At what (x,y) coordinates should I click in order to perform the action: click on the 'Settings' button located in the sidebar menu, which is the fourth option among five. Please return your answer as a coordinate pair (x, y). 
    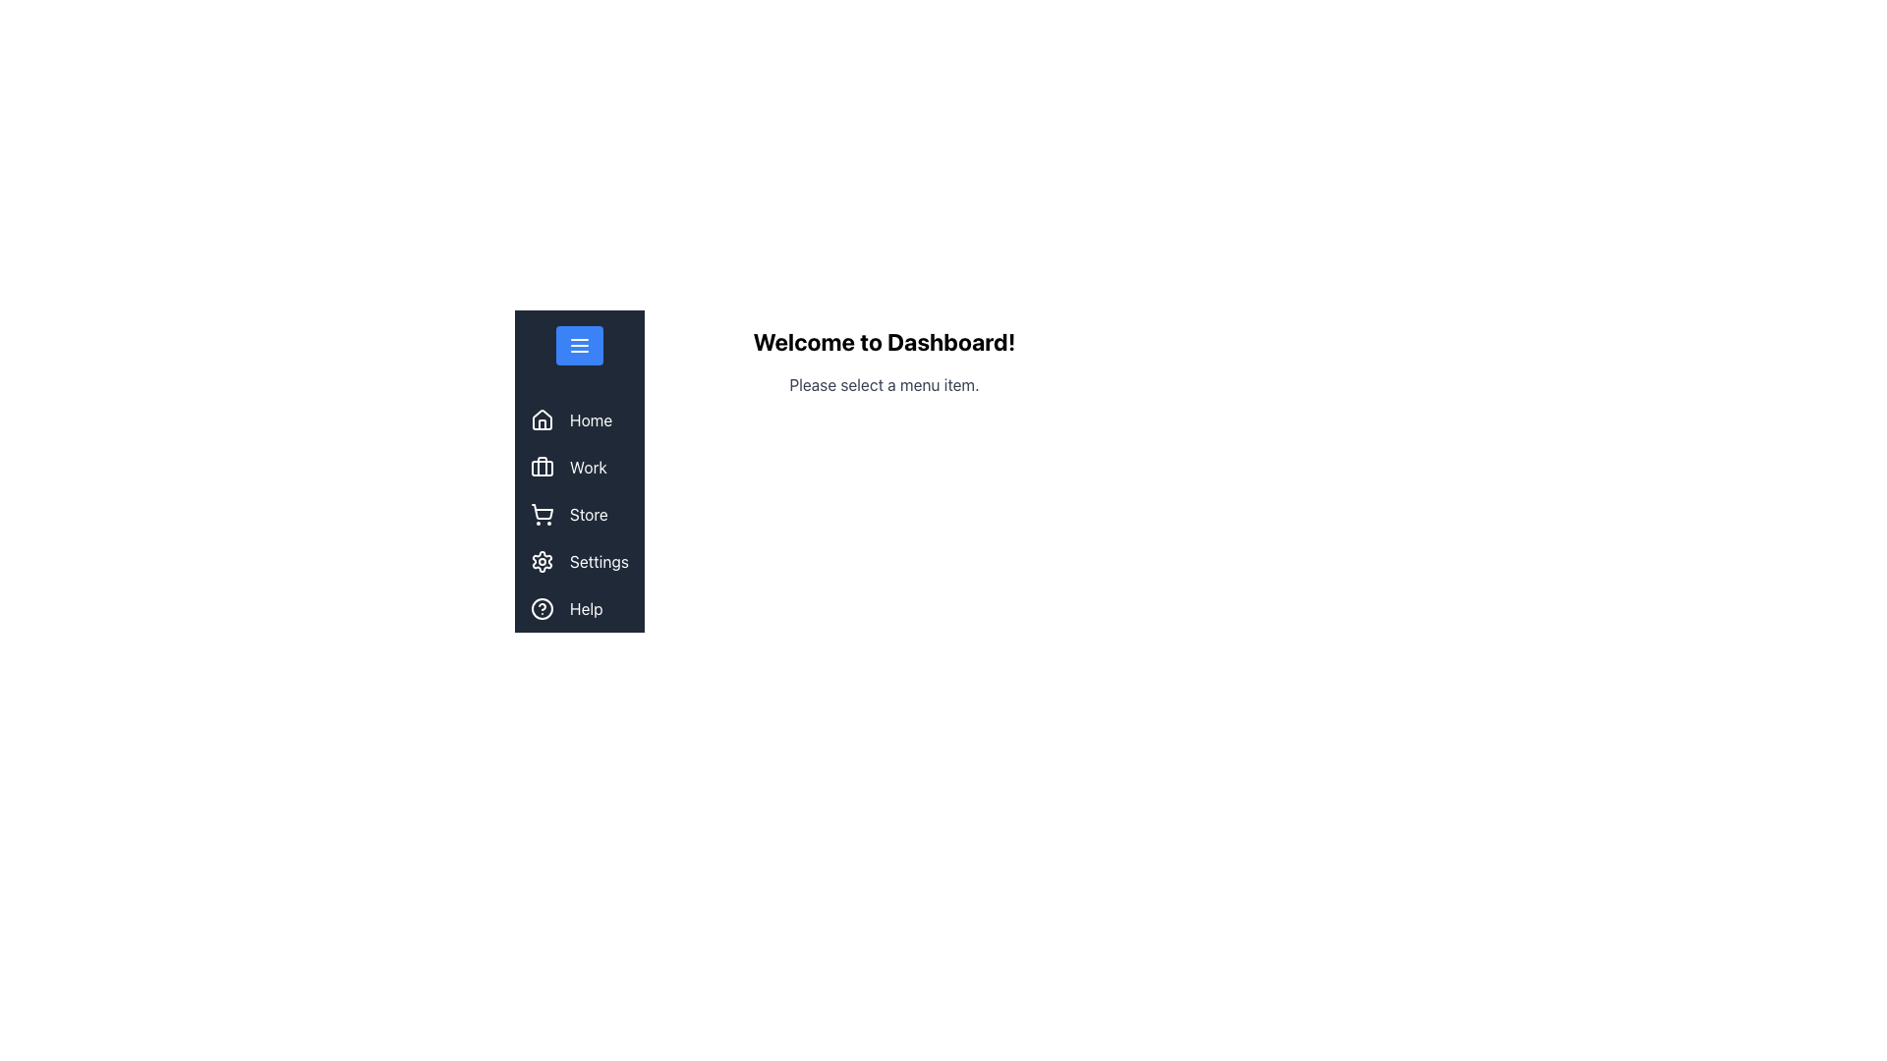
    Looking at the image, I should click on (579, 561).